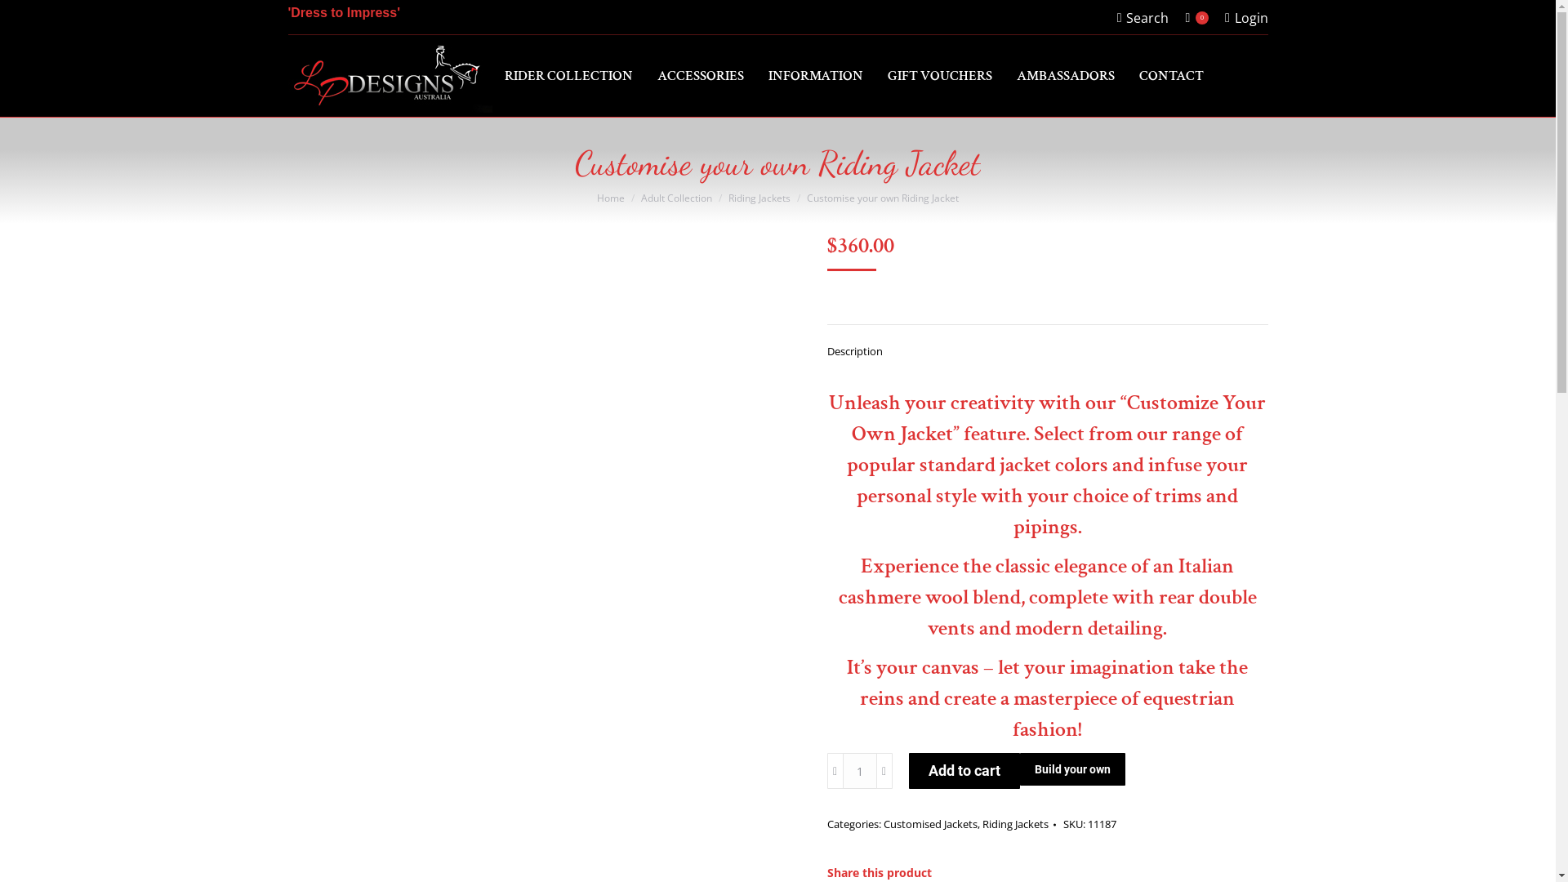 The height and width of the screenshot is (882, 1568). What do you see at coordinates (610, 197) in the screenshot?
I see `'Home'` at bounding box center [610, 197].